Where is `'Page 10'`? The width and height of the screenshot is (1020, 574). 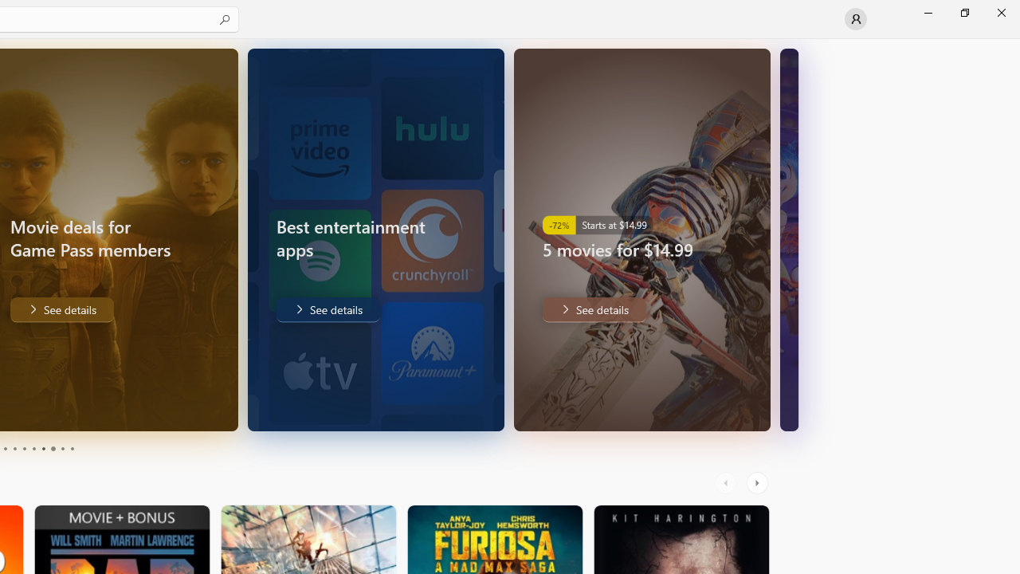
'Page 10' is located at coordinates (71, 449).